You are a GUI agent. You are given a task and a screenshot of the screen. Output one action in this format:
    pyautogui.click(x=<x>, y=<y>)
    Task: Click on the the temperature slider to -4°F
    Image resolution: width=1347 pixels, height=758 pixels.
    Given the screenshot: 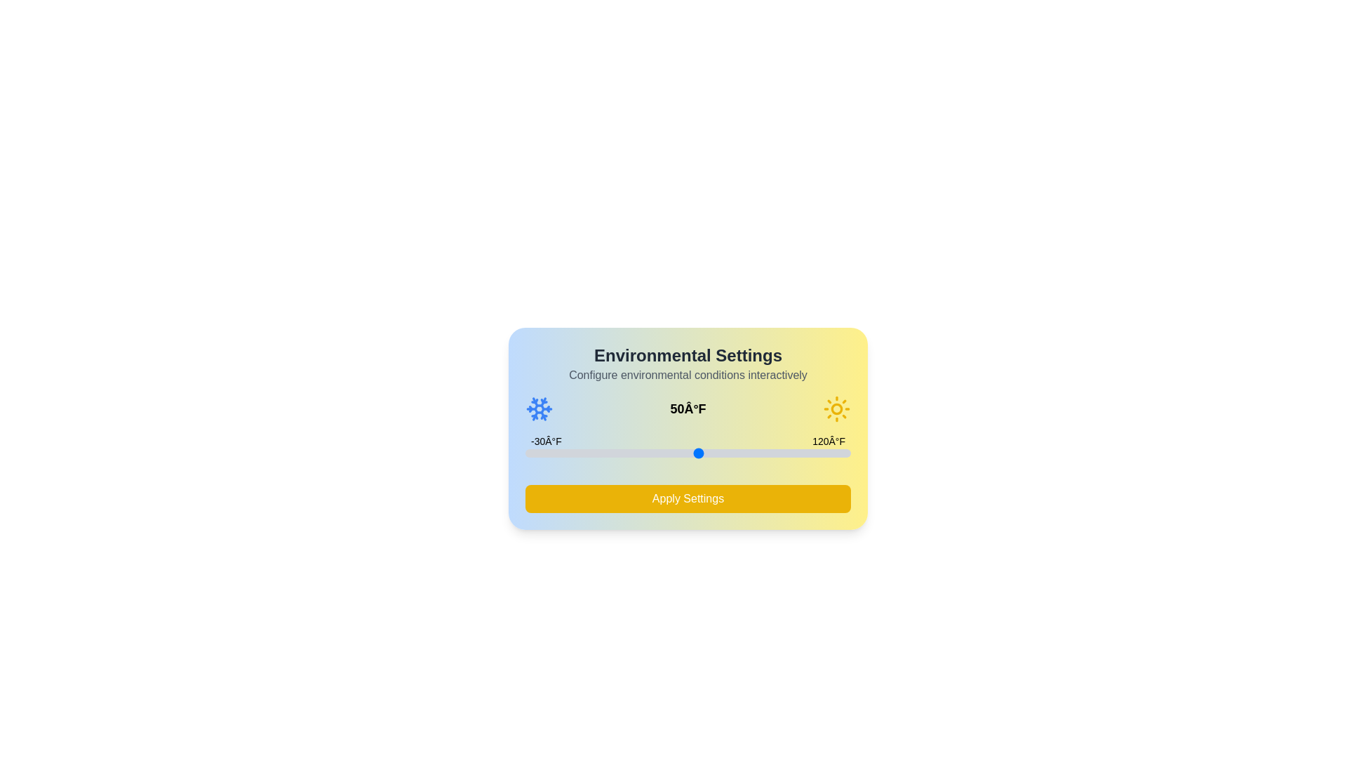 What is the action you would take?
    pyautogui.click(x=582, y=453)
    